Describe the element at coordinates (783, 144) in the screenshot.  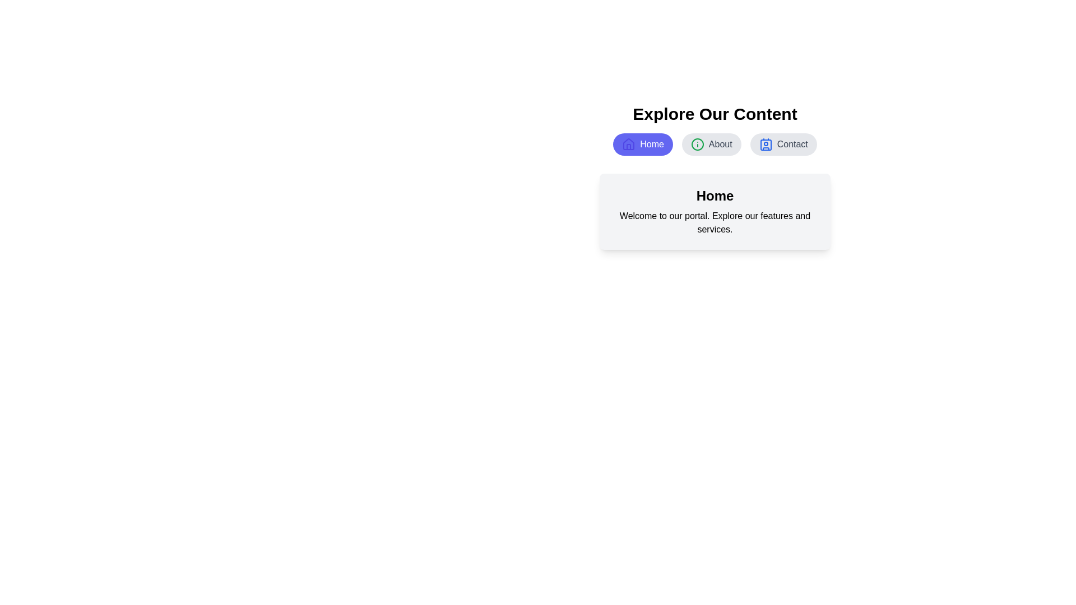
I see `the Contact tab by clicking its button` at that location.